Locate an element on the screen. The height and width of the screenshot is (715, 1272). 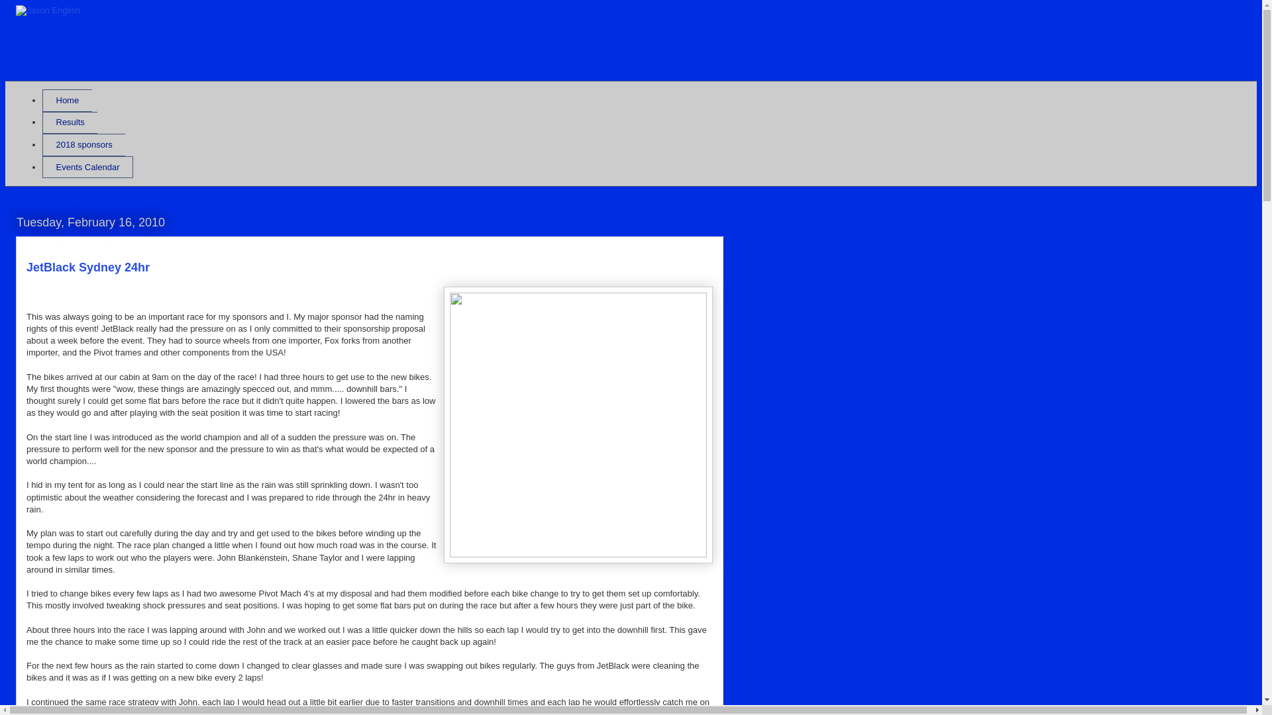
'Results' is located at coordinates (69, 122).